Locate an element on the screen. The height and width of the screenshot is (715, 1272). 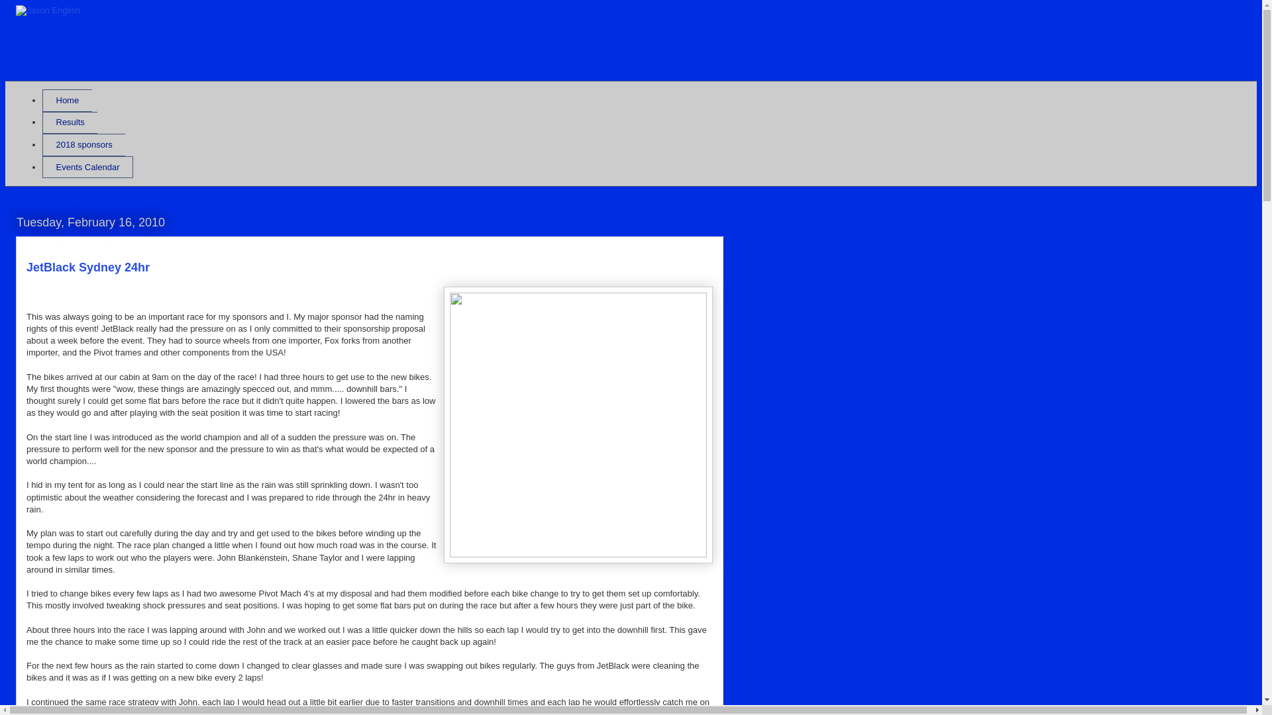
'Results' is located at coordinates (69, 122).